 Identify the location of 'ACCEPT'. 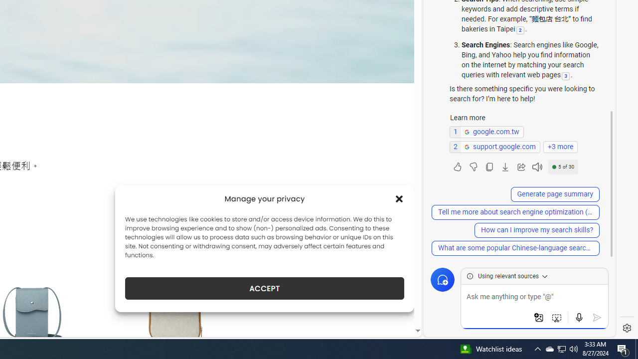
(265, 288).